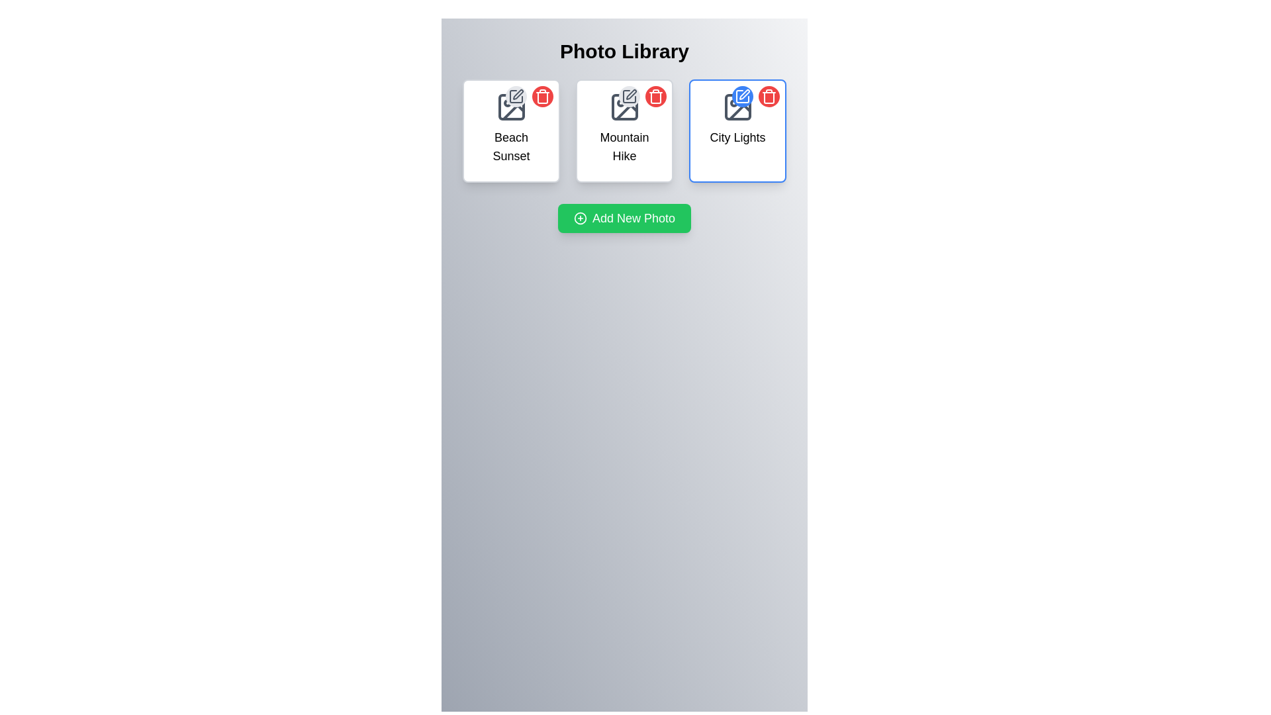 The width and height of the screenshot is (1271, 715). Describe the element at coordinates (642, 96) in the screenshot. I see `the trash bin button, which is the right circular button in the top-right corner of the 'Mountain Hike' card` at that location.